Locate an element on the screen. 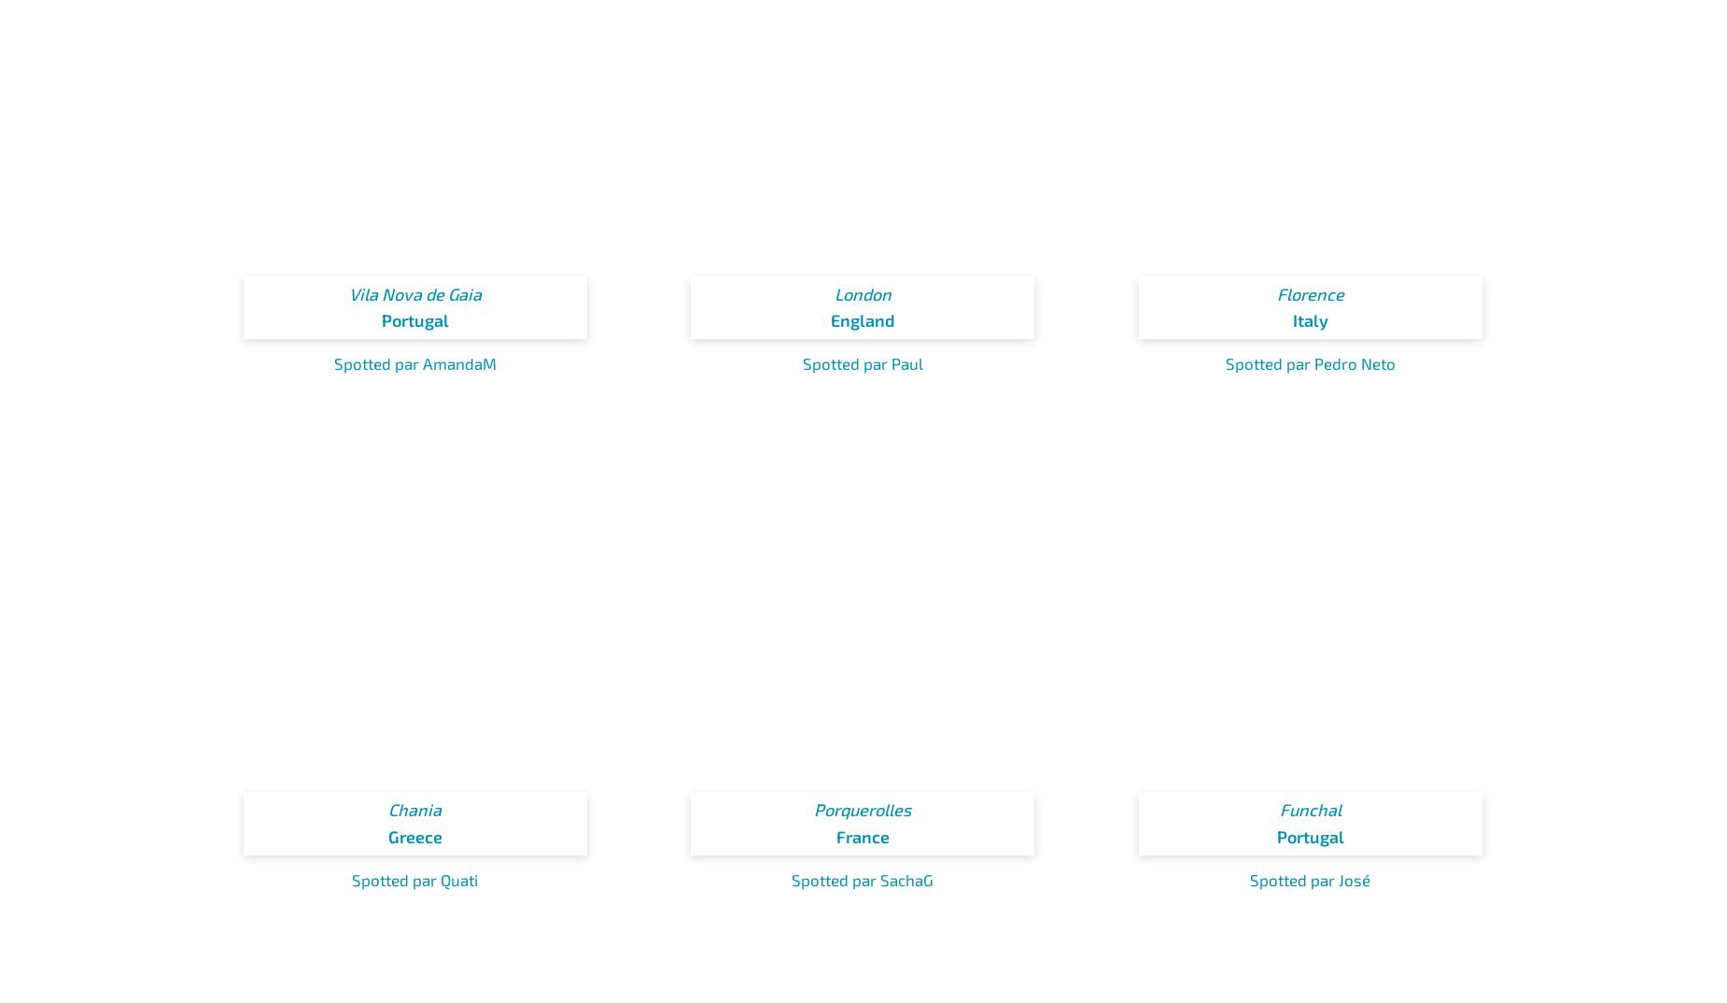 This screenshot has width=1727, height=1003. 'Greece' is located at coordinates (414, 836).